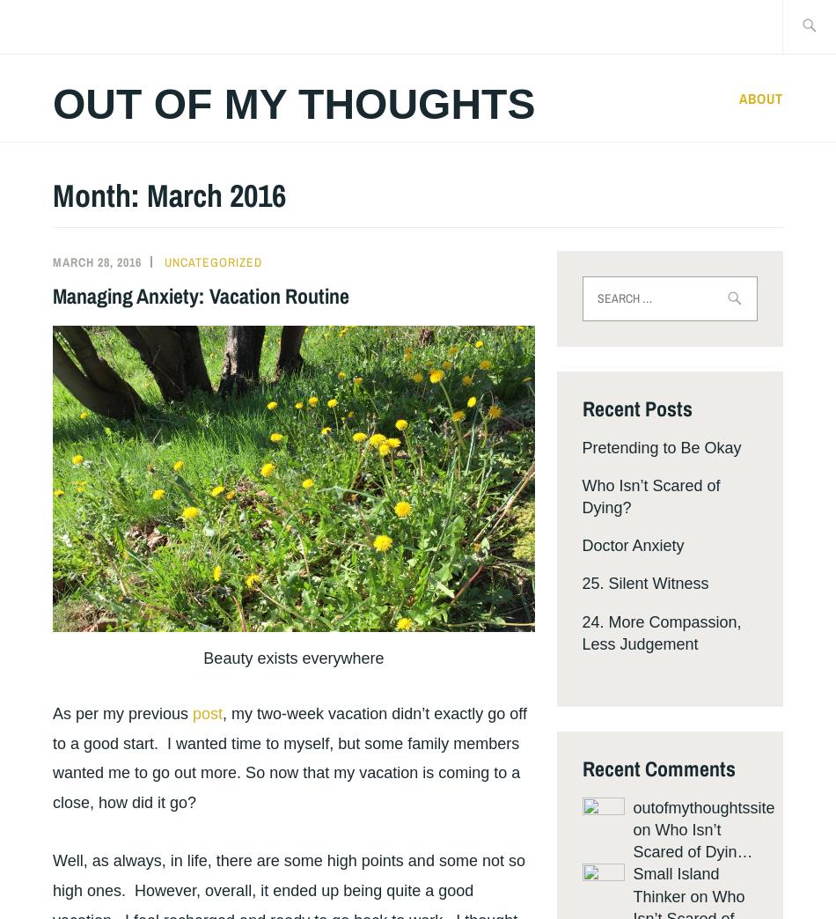 The image size is (836, 919). What do you see at coordinates (674, 885) in the screenshot?
I see `'Small Island Thinker'` at bounding box center [674, 885].